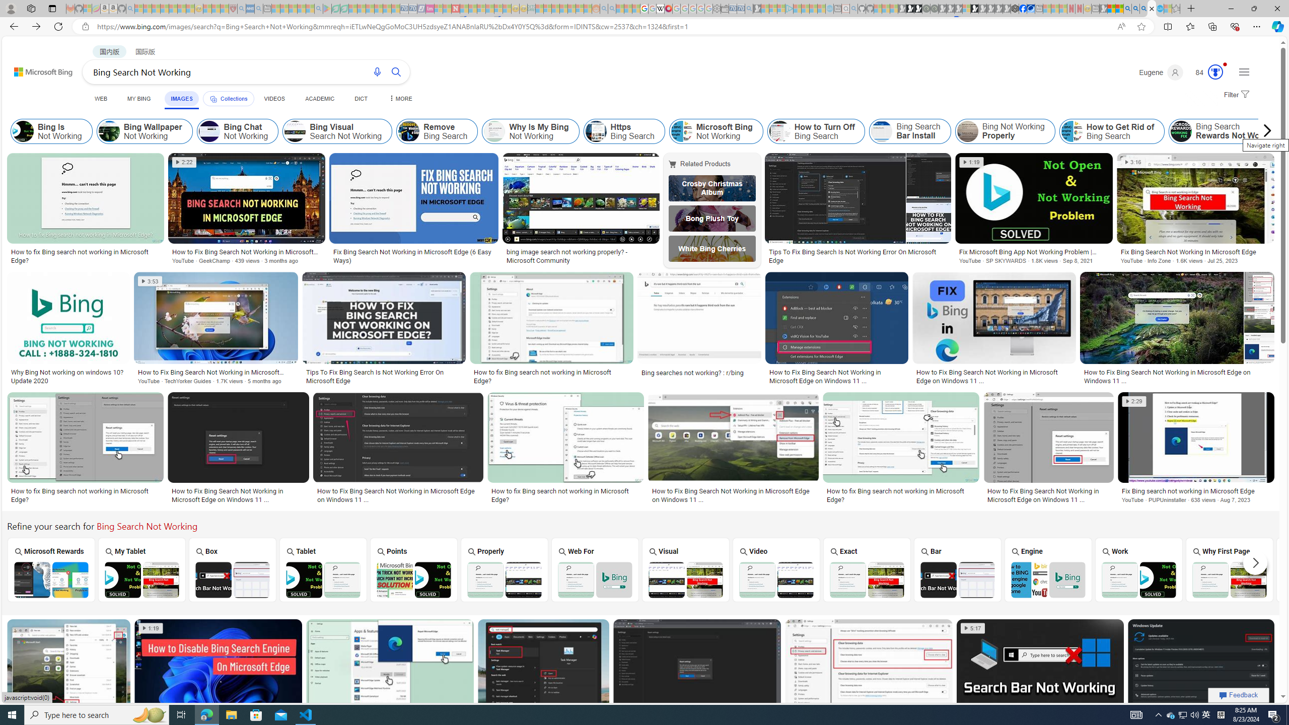  What do you see at coordinates (1048, 569) in the screenshot?
I see `'Engine'` at bounding box center [1048, 569].